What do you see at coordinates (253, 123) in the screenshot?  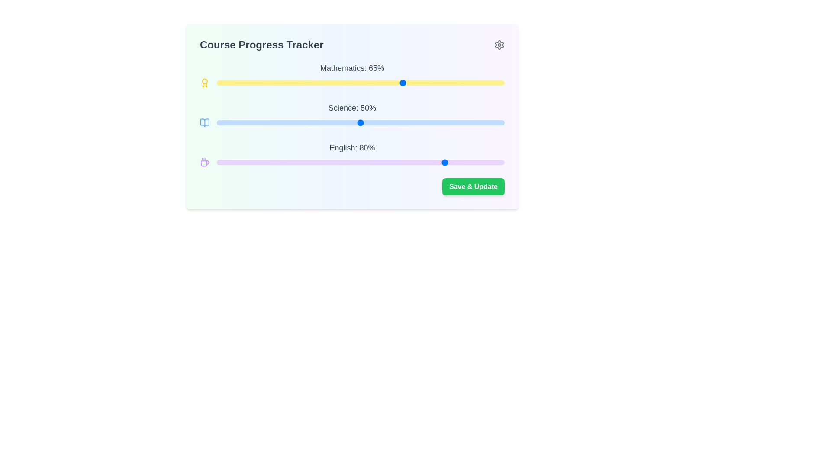 I see `progress` at bounding box center [253, 123].